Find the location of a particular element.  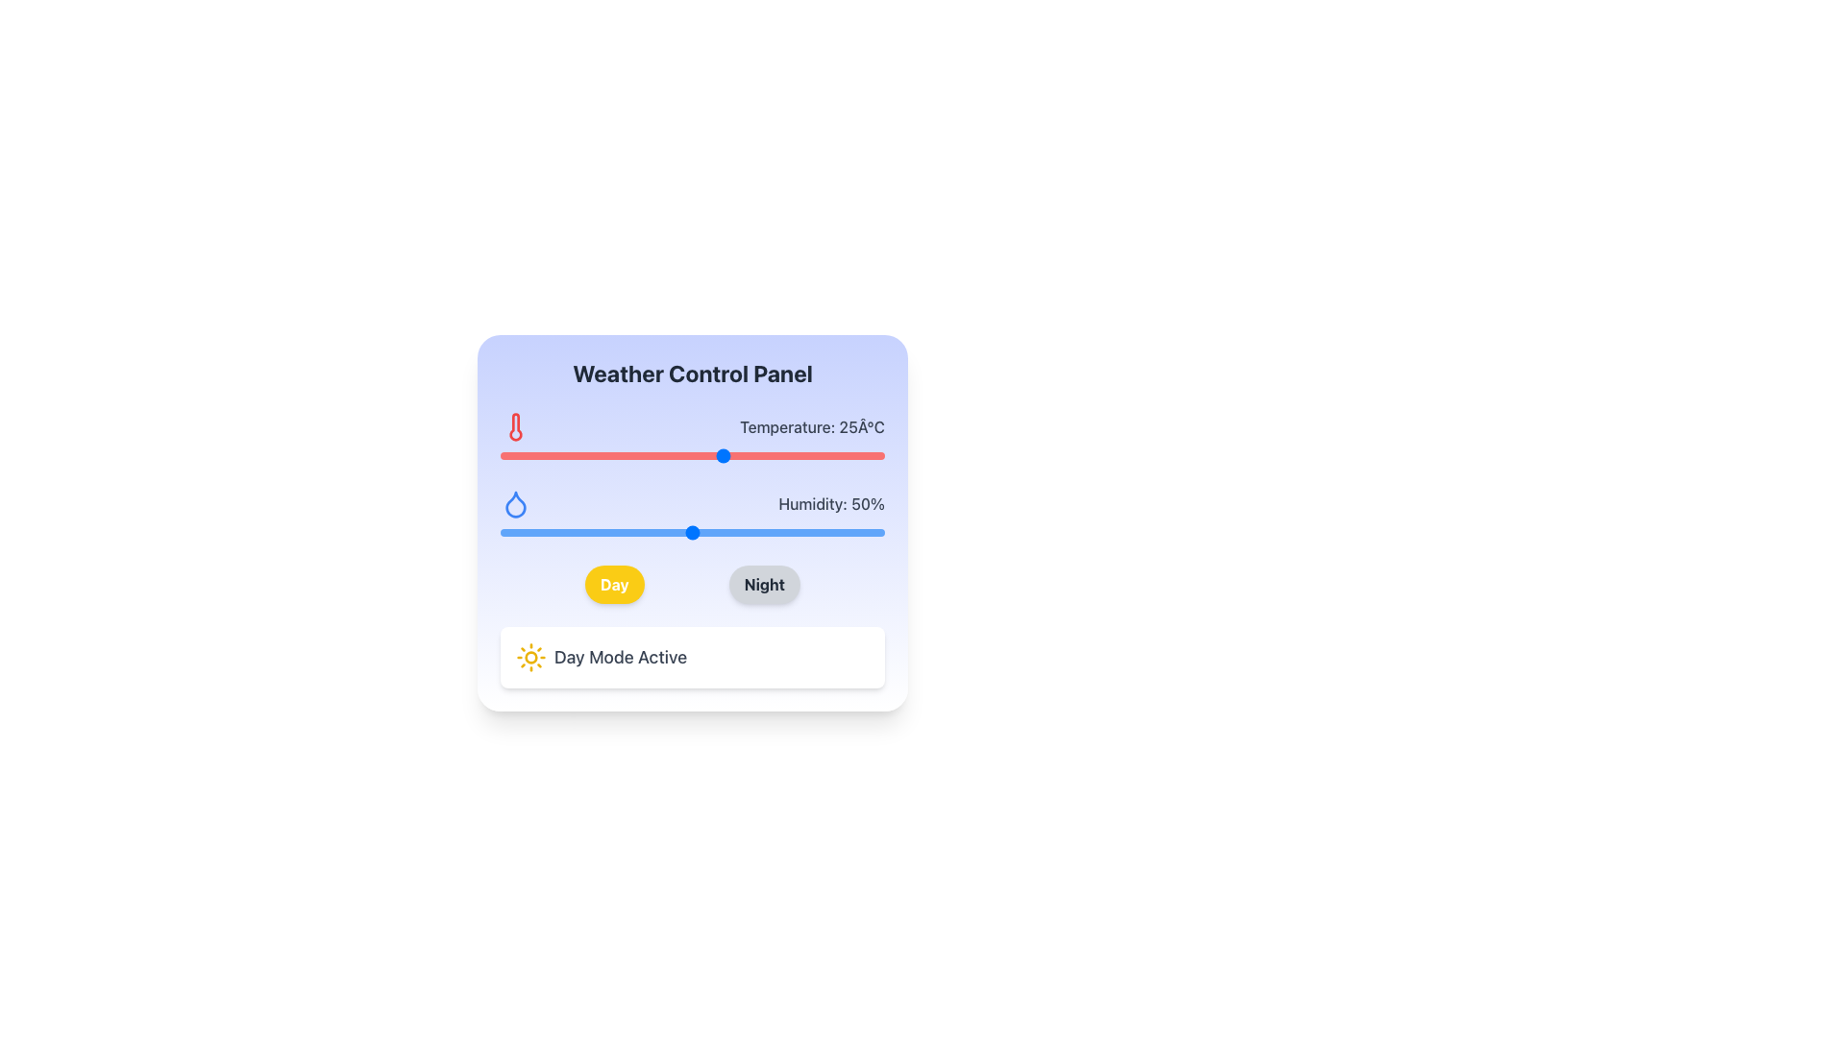

and drag the handle of the slider to change the temperature value, which is currently displayed as 'Temperature: 25°C'. The slider is located beneath this text and is horizontally aligned with the thermometer icon is located at coordinates (692, 455).